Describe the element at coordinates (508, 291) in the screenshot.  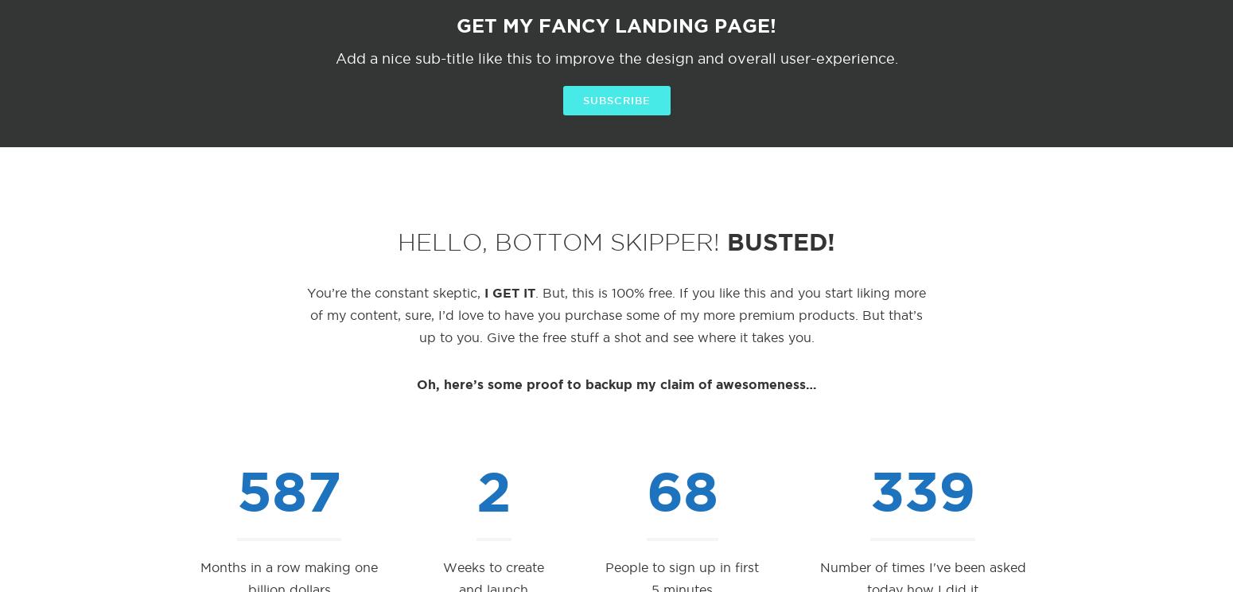
I see `'I GET IT'` at that location.